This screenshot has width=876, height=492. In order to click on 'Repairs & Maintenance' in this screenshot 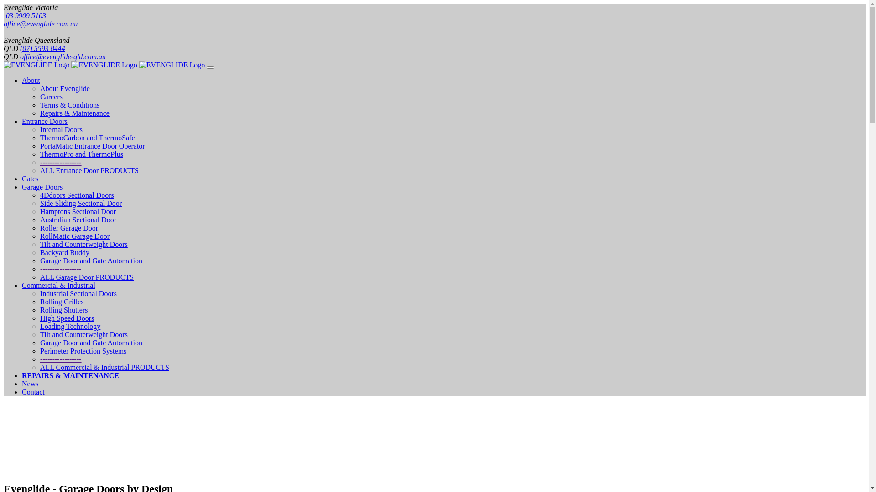, I will do `click(74, 113)`.